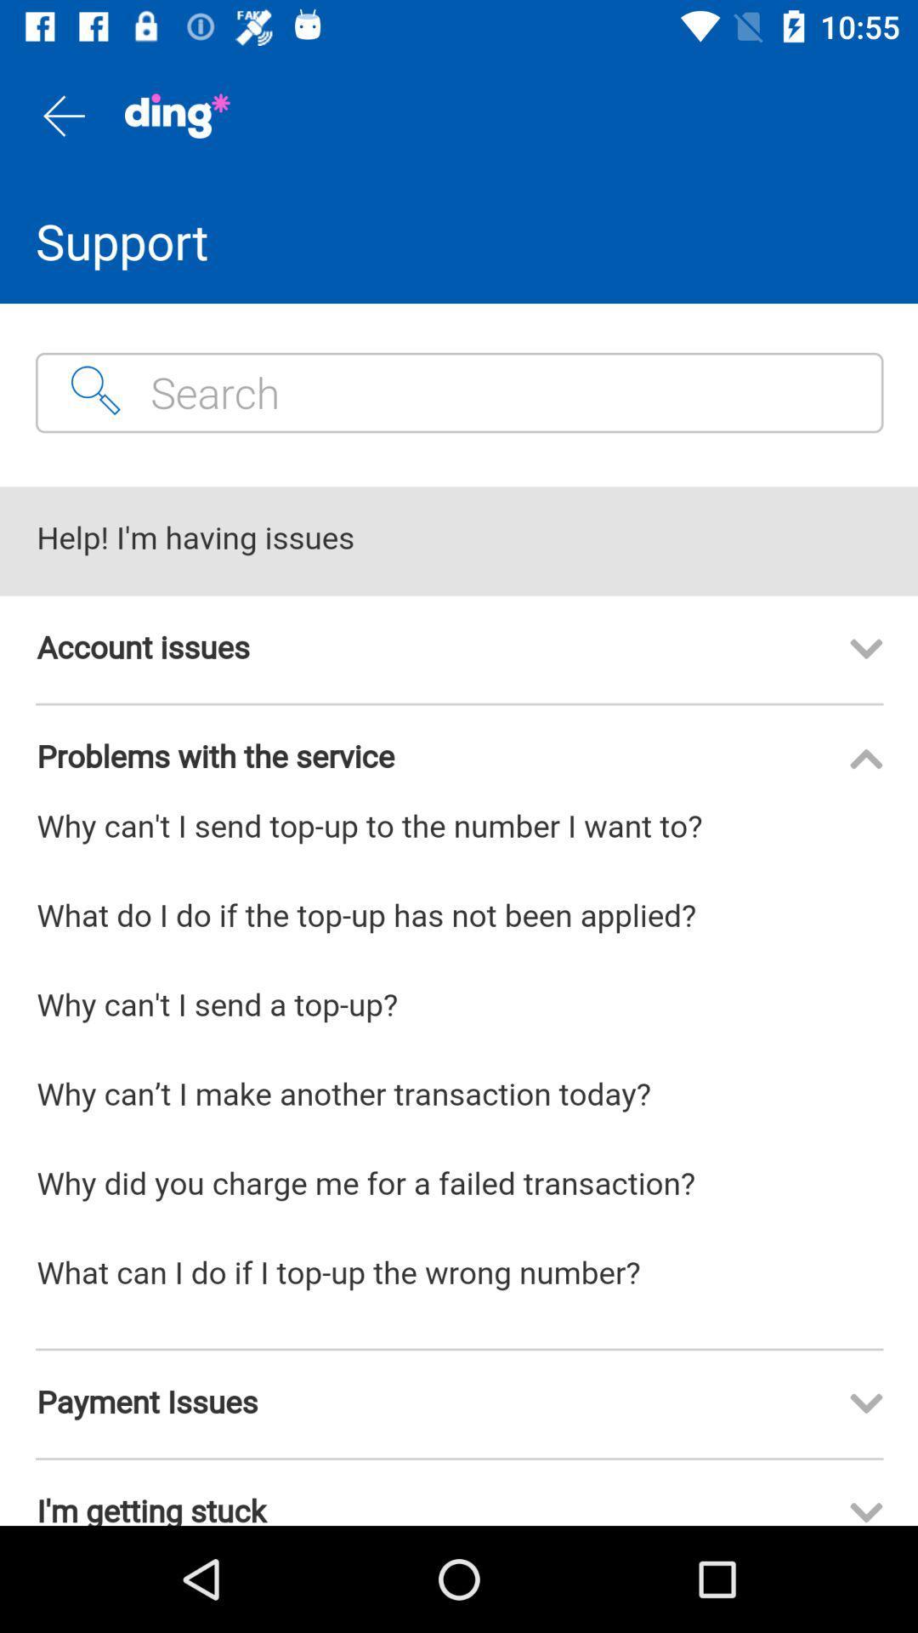  What do you see at coordinates (61, 115) in the screenshot?
I see `previous` at bounding box center [61, 115].